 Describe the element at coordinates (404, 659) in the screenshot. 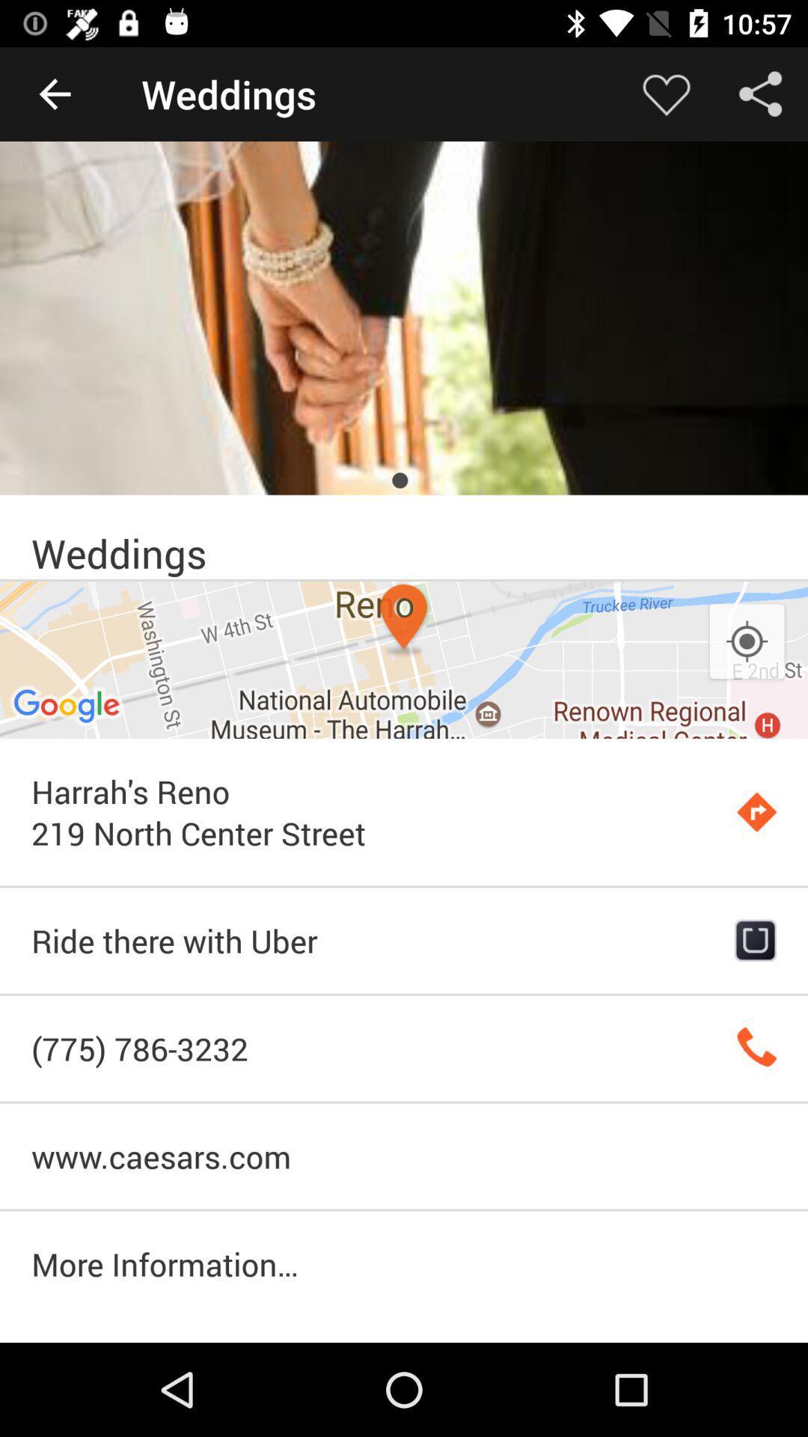

I see `item above the harrah s reno item` at that location.